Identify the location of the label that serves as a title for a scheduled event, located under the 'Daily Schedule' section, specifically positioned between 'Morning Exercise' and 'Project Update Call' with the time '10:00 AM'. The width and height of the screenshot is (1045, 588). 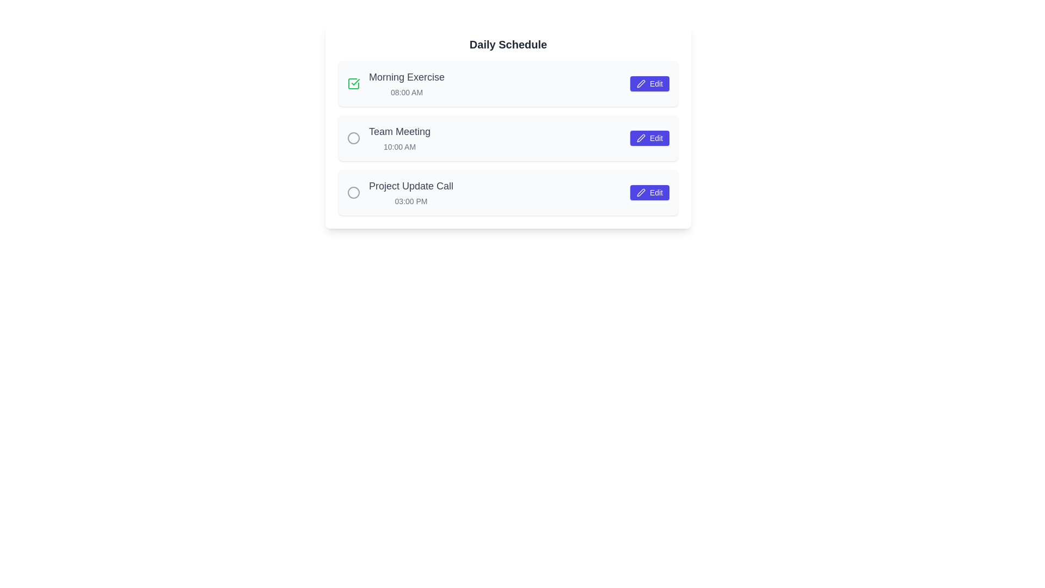
(399, 131).